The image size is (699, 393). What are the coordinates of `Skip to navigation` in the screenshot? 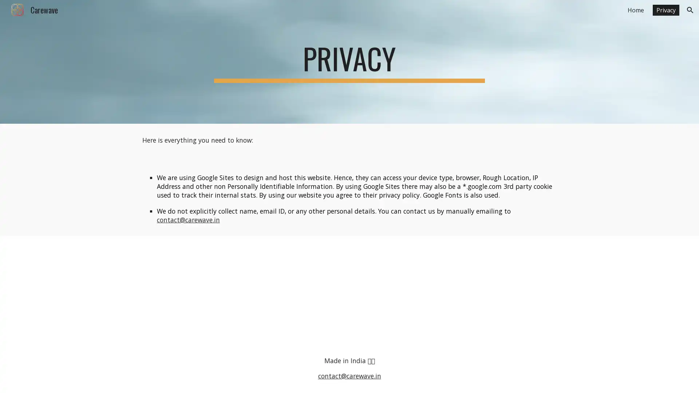 It's located at (415, 13).